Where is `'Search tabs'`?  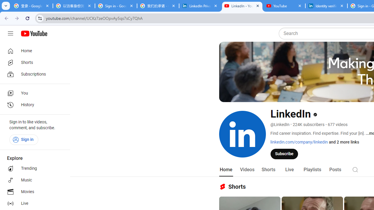 'Search tabs' is located at coordinates (6, 6).